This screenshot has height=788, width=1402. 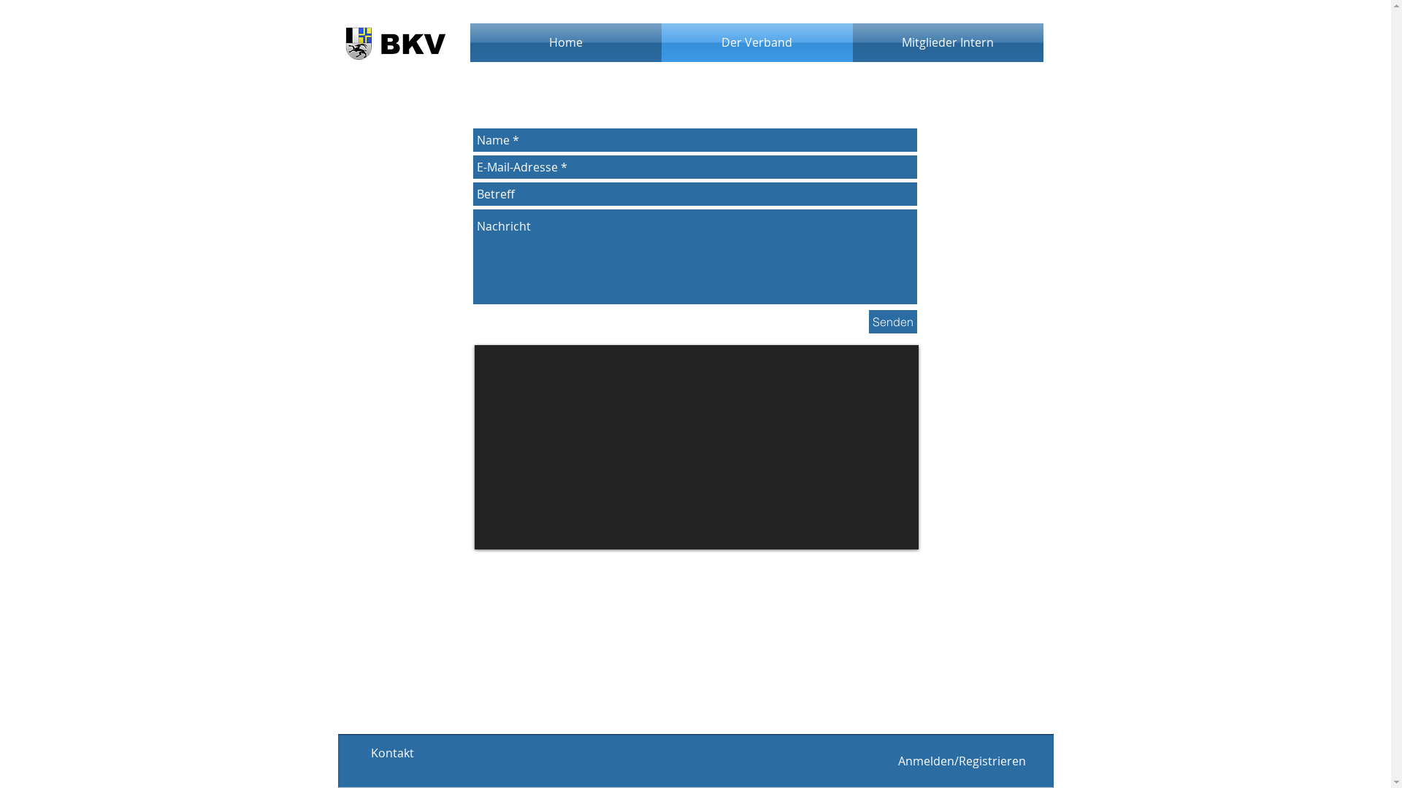 I want to click on 'Der Verband', so click(x=756, y=42).